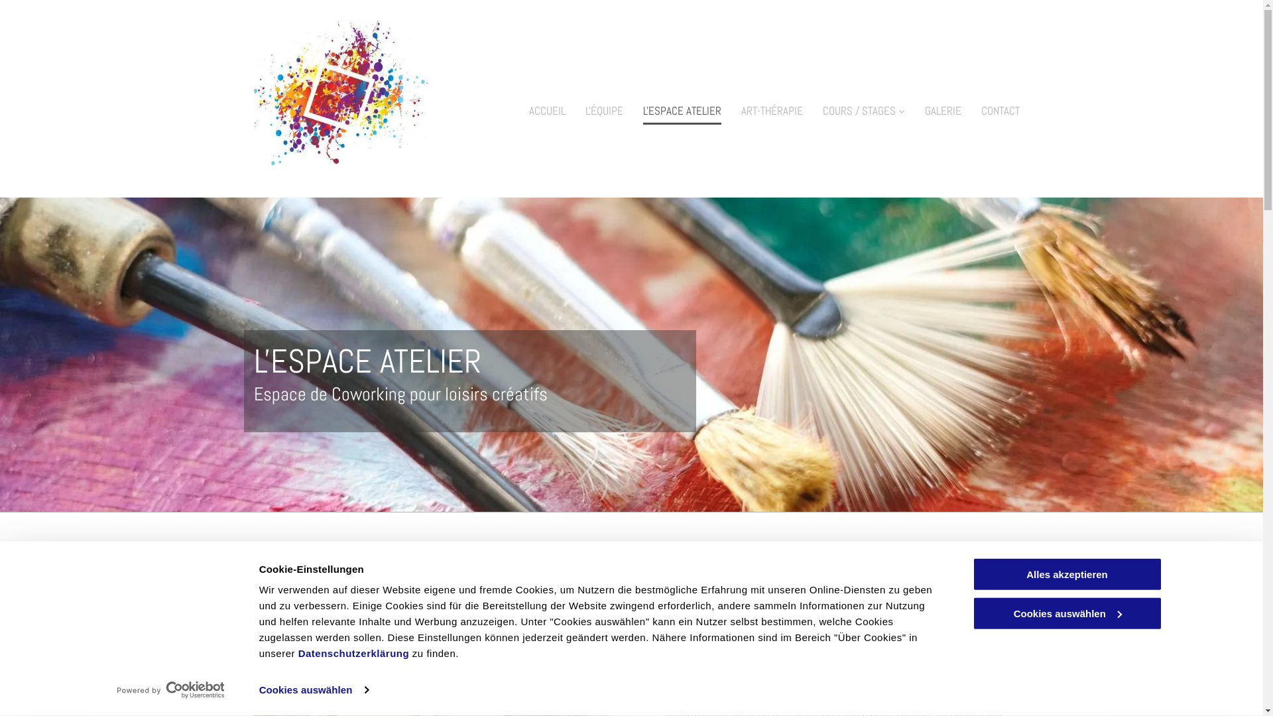 This screenshot has width=1273, height=716. I want to click on 'COURS / STAGES', so click(863, 107).